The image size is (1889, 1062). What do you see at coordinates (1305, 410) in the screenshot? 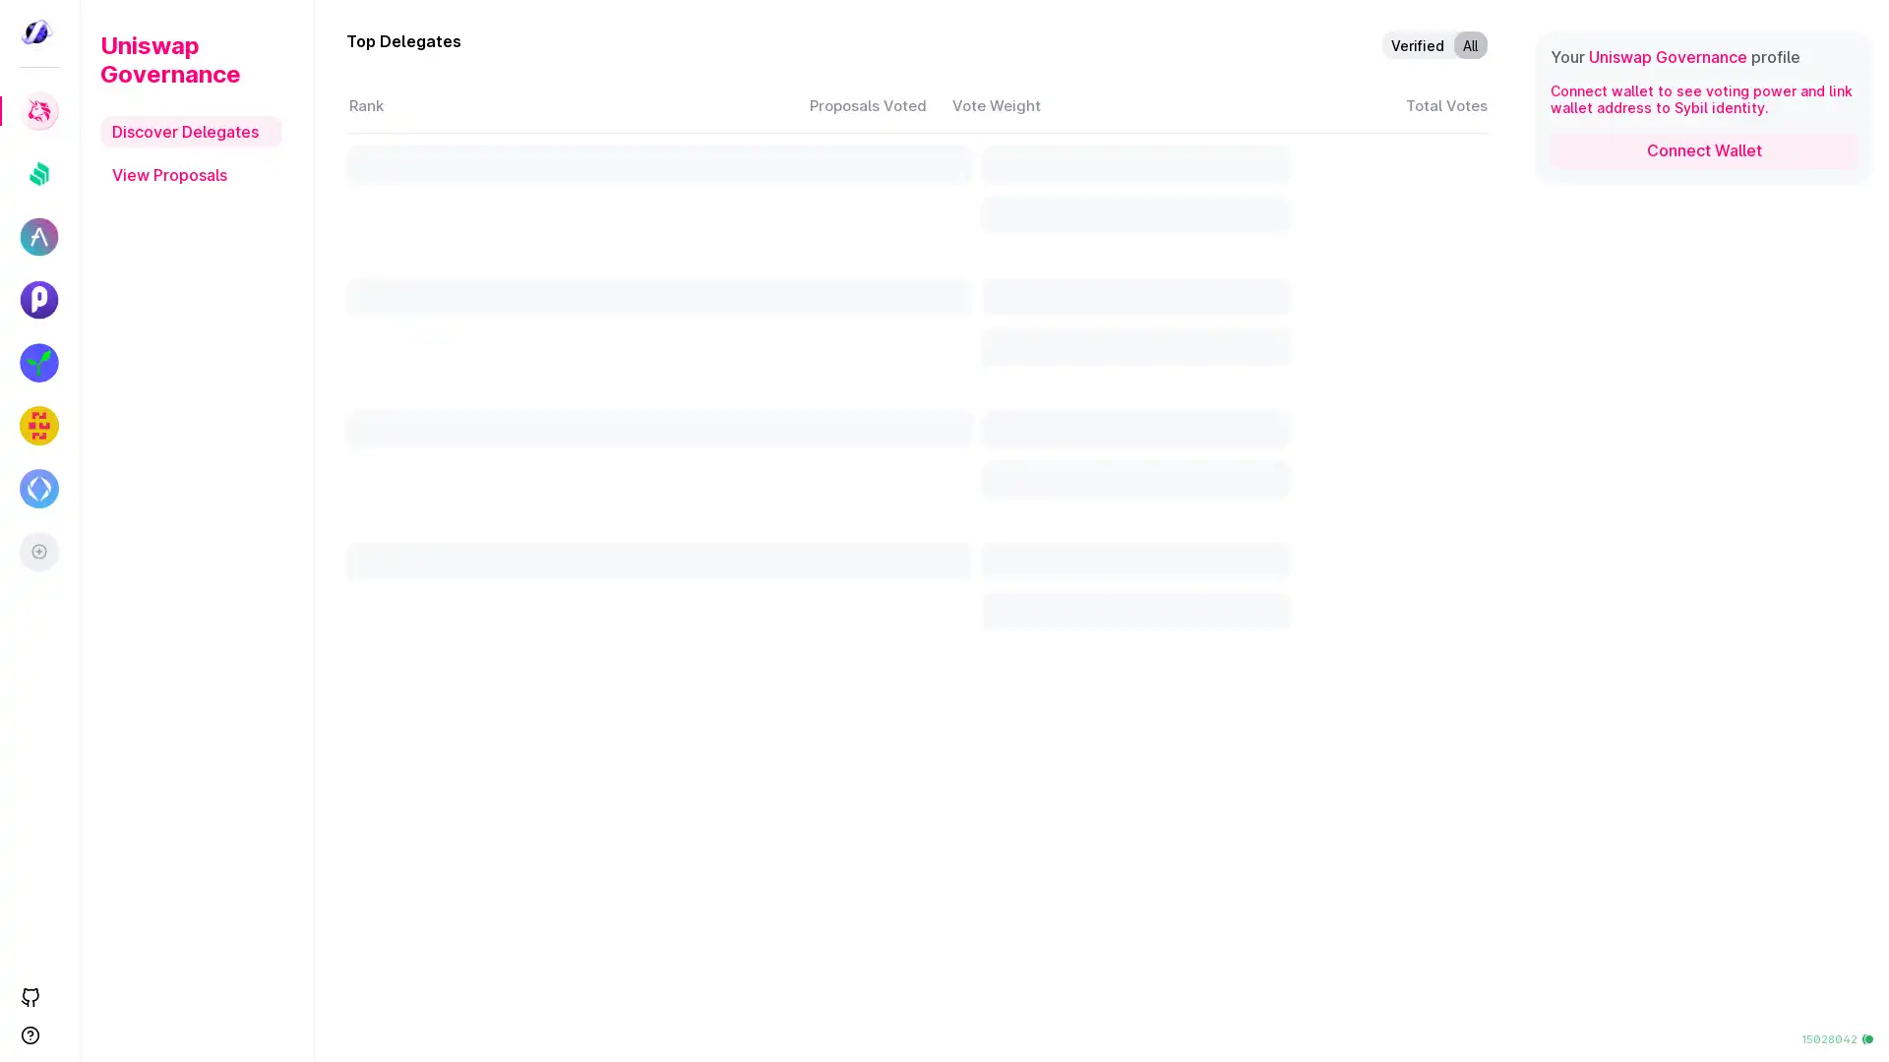
I see `Delegate` at bounding box center [1305, 410].